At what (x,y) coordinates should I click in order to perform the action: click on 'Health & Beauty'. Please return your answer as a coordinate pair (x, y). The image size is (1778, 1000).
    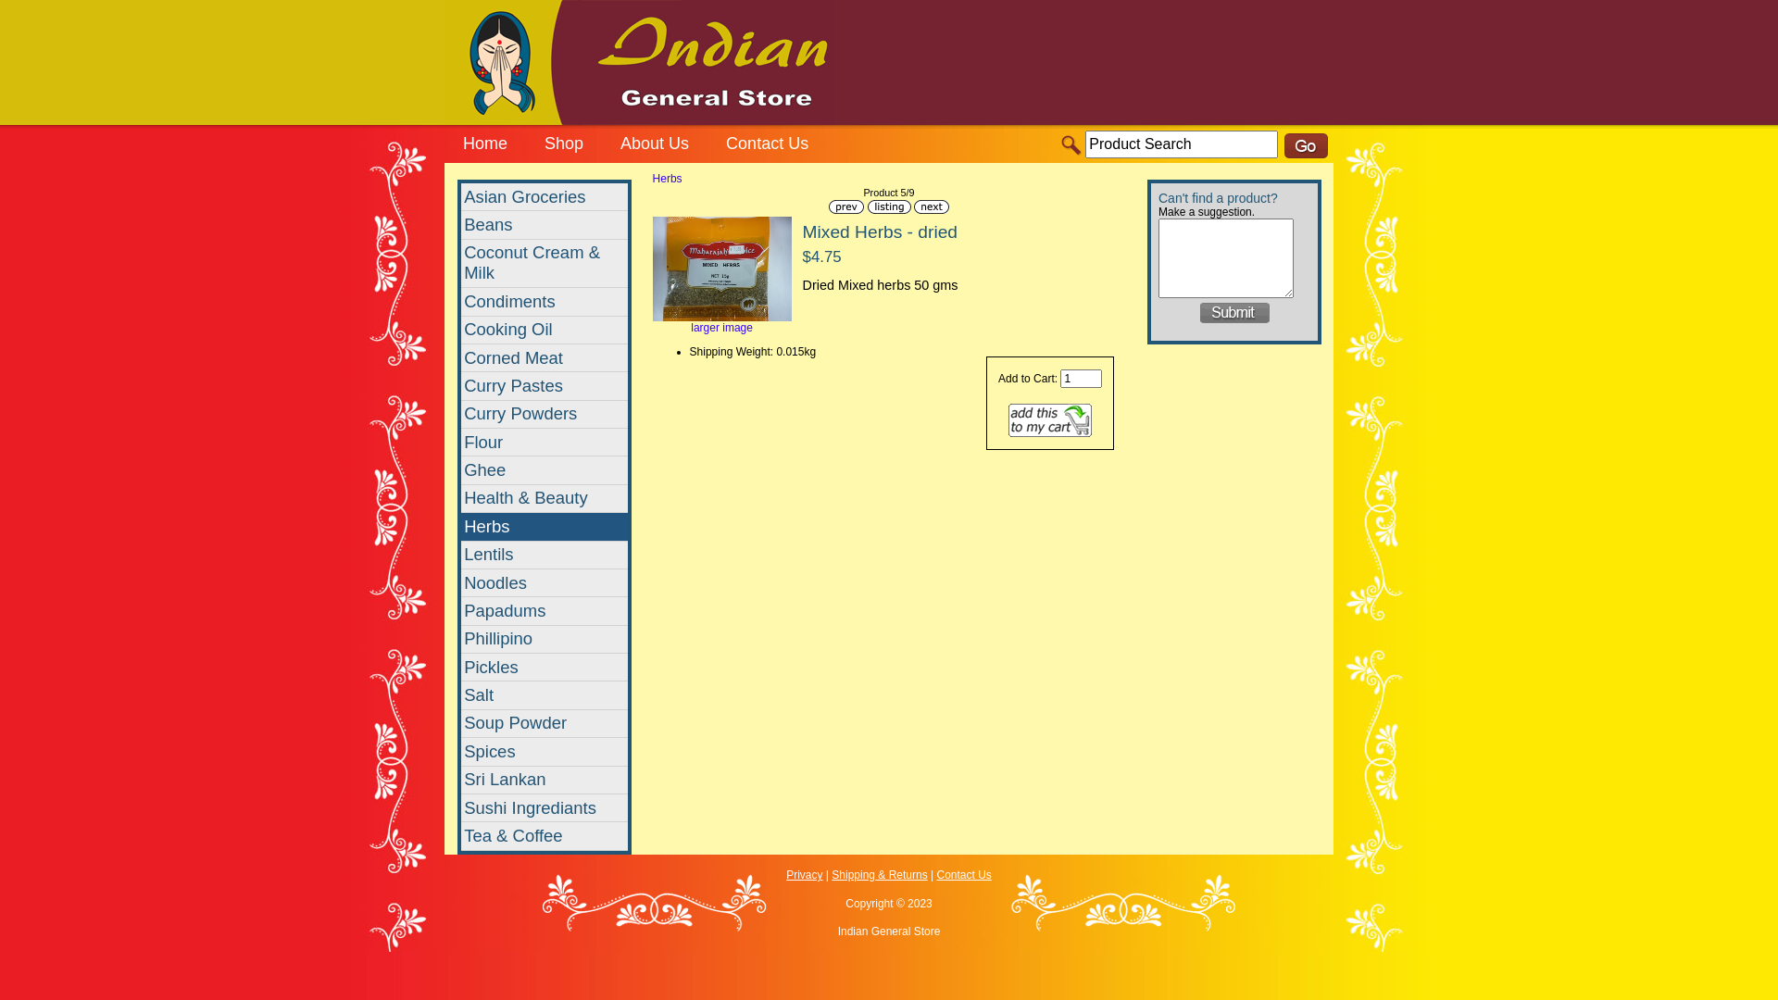
    Looking at the image, I should click on (544, 498).